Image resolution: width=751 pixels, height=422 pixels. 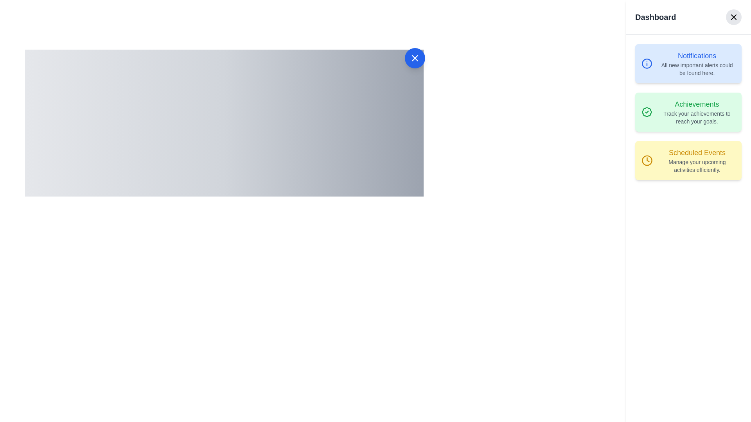 What do you see at coordinates (647, 112) in the screenshot?
I see `the decorative circular badge with a green outline and checkmark symbol located in the 'Achievements' card on the right sidebar of the dashboard` at bounding box center [647, 112].